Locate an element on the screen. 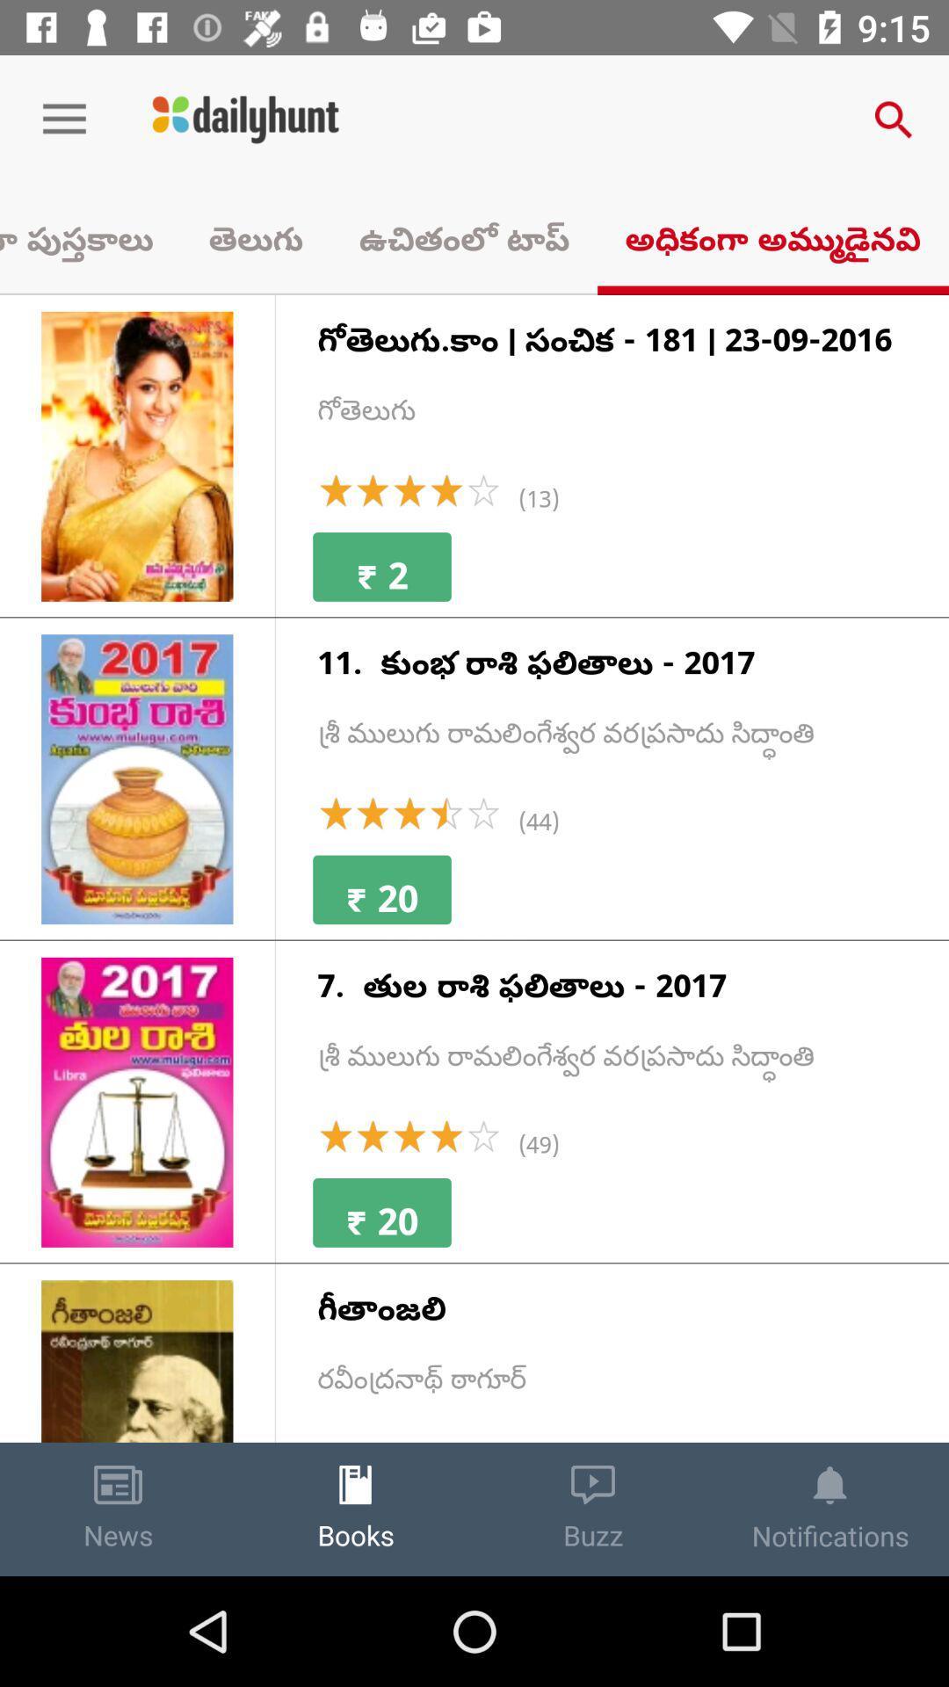 The height and width of the screenshot is (1687, 949). icon above buzz is located at coordinates (593, 1483).